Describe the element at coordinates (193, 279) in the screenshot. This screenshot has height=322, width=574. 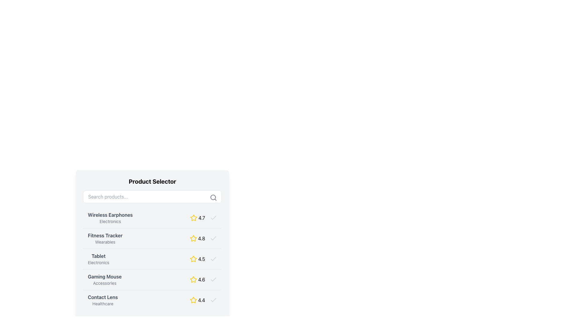
I see `the star icon representing the rating score for the 'Gaming Mouse' product, located in the rating section as the fourth item in the vertical list, aligned to the left of the rating number '4.6'` at that location.